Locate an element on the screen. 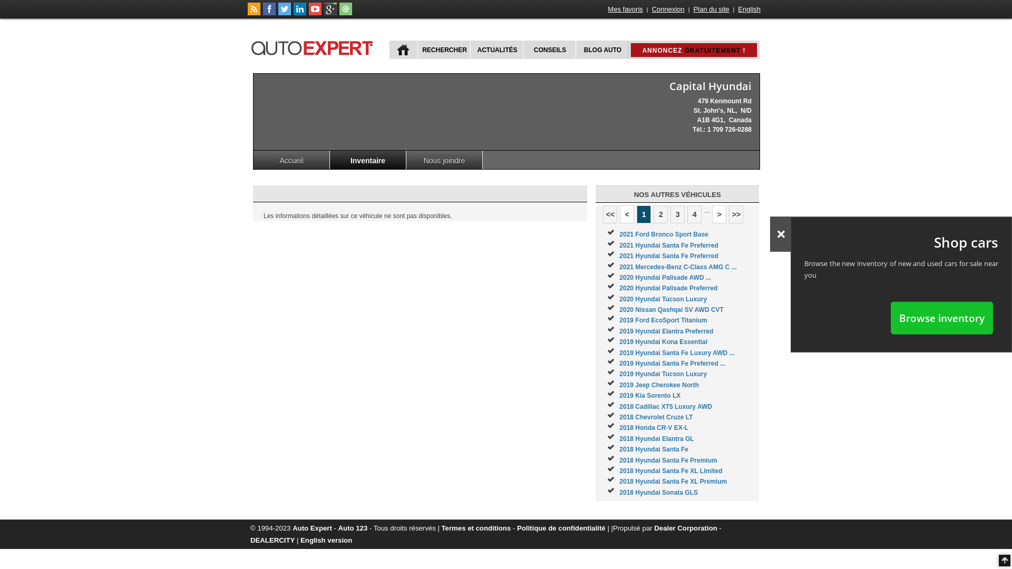 This screenshot has height=569, width=1012. 'Browse inventory' is located at coordinates (941, 317).